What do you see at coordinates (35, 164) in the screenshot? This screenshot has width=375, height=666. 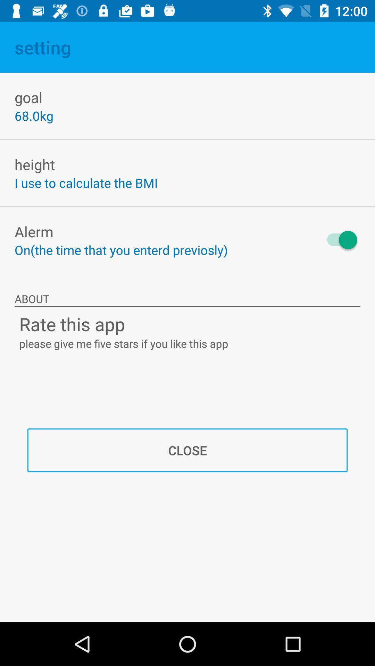 I see `height icon` at bounding box center [35, 164].